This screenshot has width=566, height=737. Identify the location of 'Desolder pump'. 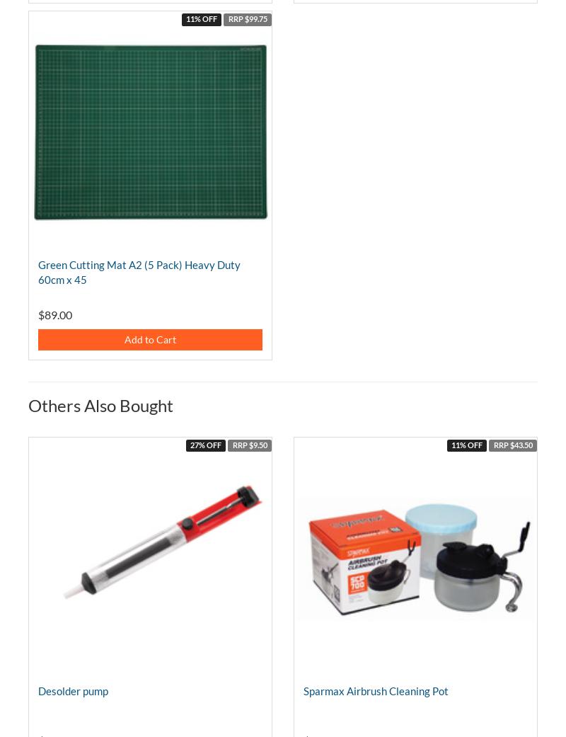
(72, 690).